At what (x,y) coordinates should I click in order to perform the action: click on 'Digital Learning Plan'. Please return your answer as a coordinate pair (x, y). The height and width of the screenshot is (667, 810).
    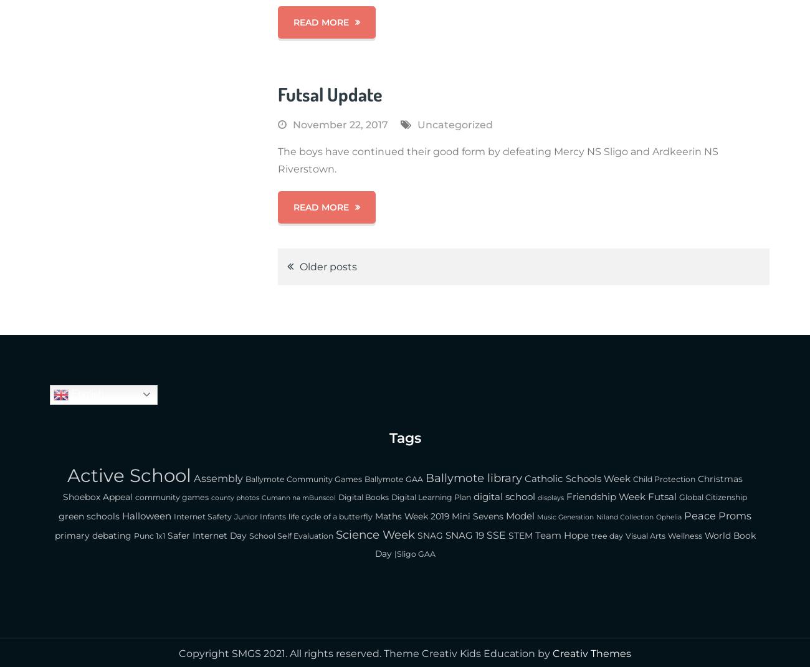
    Looking at the image, I should click on (430, 496).